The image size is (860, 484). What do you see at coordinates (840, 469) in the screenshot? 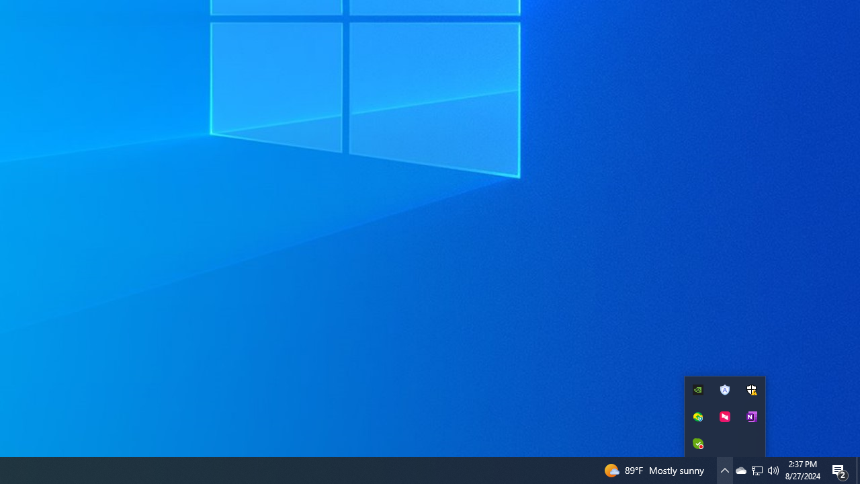
I see `'Action Center, 2 new notifications'` at bounding box center [840, 469].